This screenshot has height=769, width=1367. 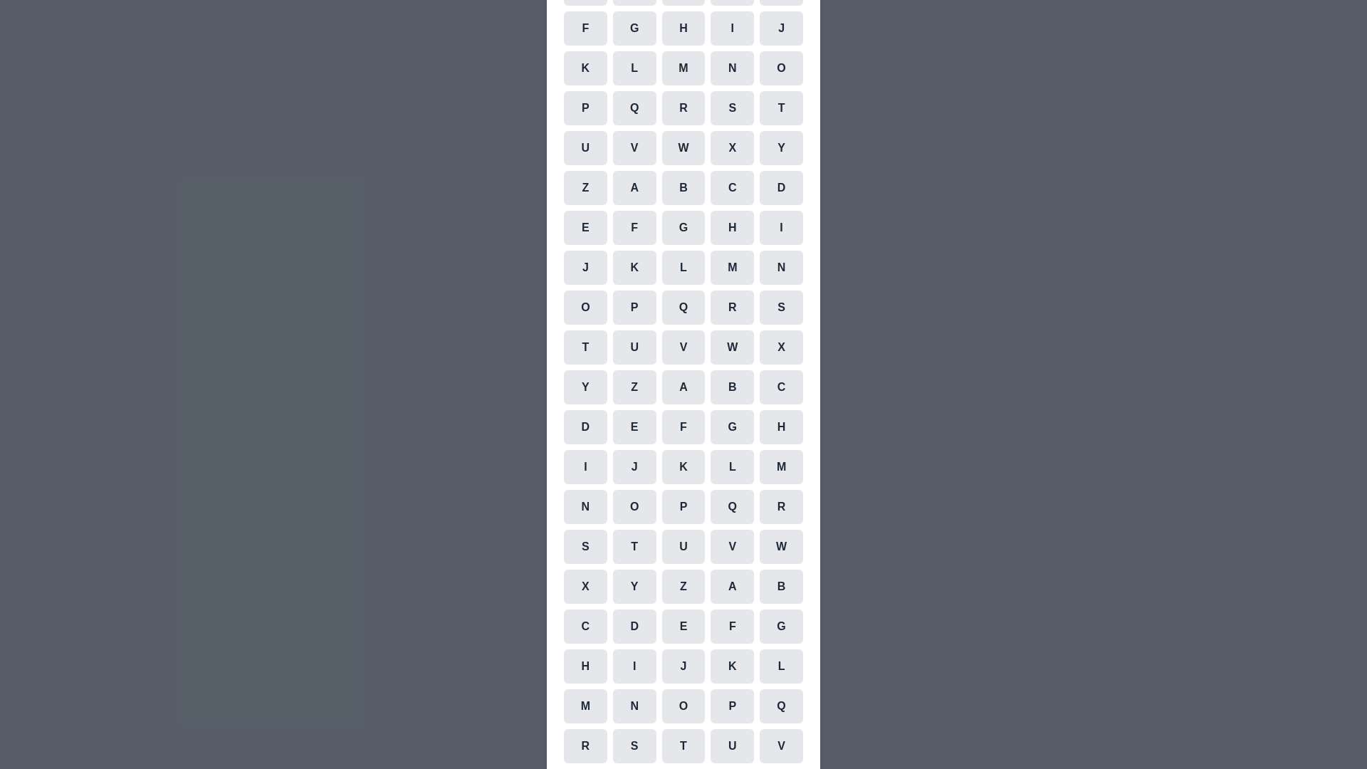 What do you see at coordinates (683, 28) in the screenshot?
I see `the cell representing the character H` at bounding box center [683, 28].